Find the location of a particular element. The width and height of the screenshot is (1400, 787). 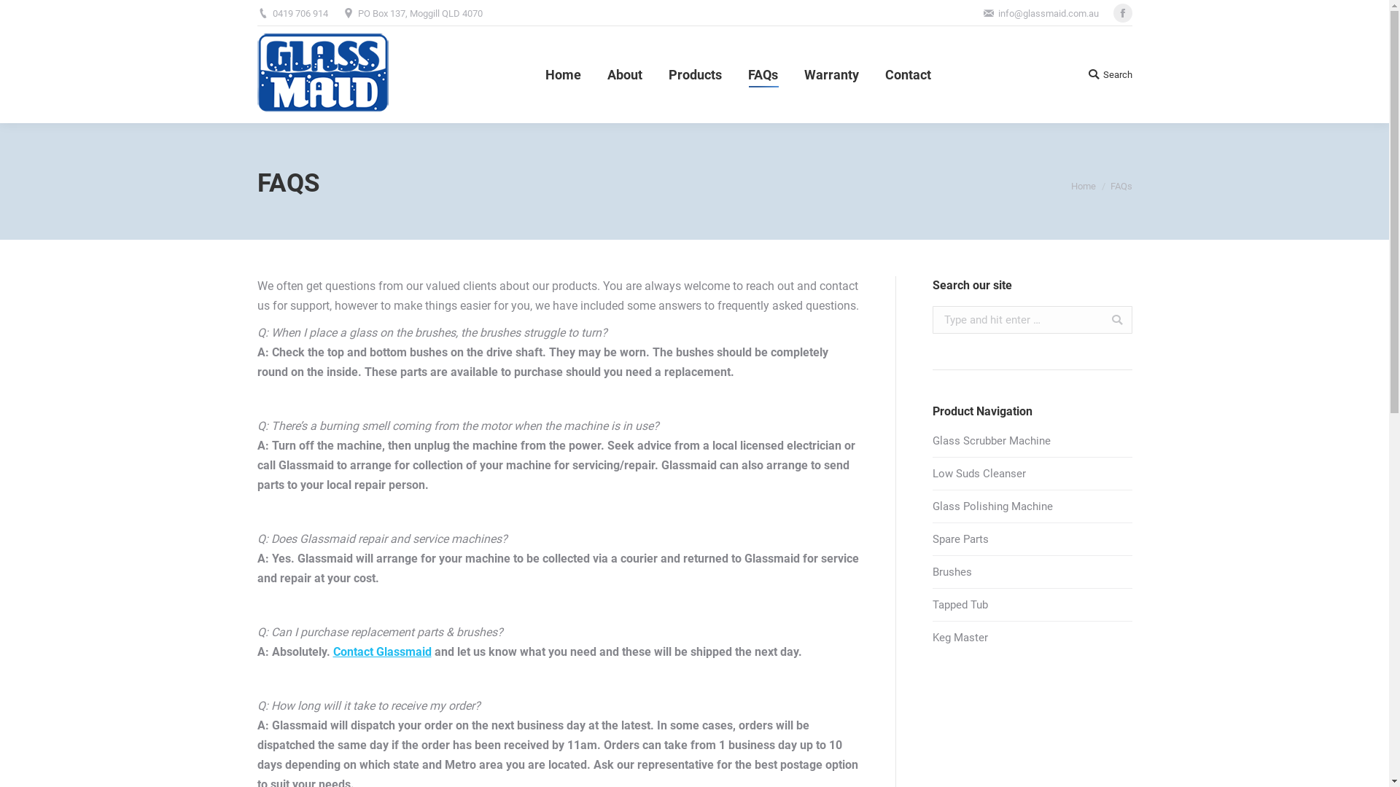

'Go!' is located at coordinates (20, 14).